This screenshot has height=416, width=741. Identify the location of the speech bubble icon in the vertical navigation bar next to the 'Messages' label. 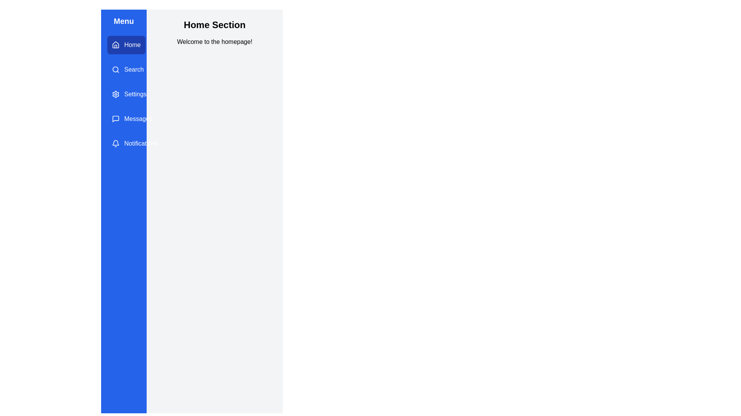
(115, 119).